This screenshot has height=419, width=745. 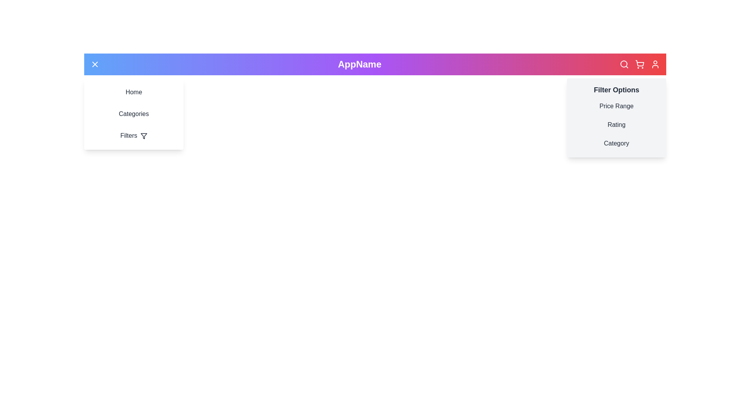 What do you see at coordinates (624, 64) in the screenshot?
I see `the search icon button located at the right end of the gradient-colored top navigation bar` at bounding box center [624, 64].